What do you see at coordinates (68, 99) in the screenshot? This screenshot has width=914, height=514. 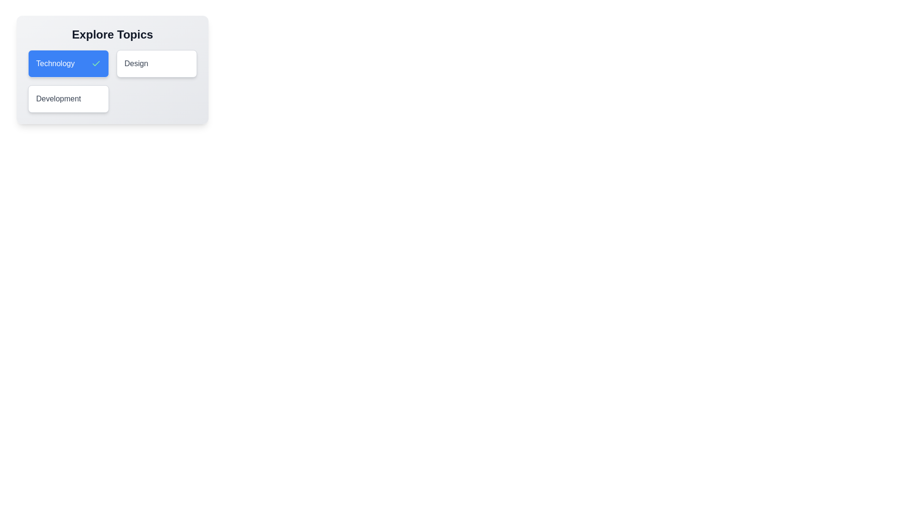 I see `the tag Development` at bounding box center [68, 99].